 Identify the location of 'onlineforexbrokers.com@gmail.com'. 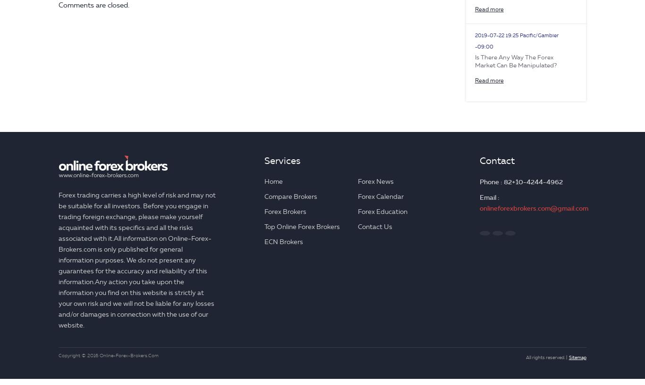
(479, 208).